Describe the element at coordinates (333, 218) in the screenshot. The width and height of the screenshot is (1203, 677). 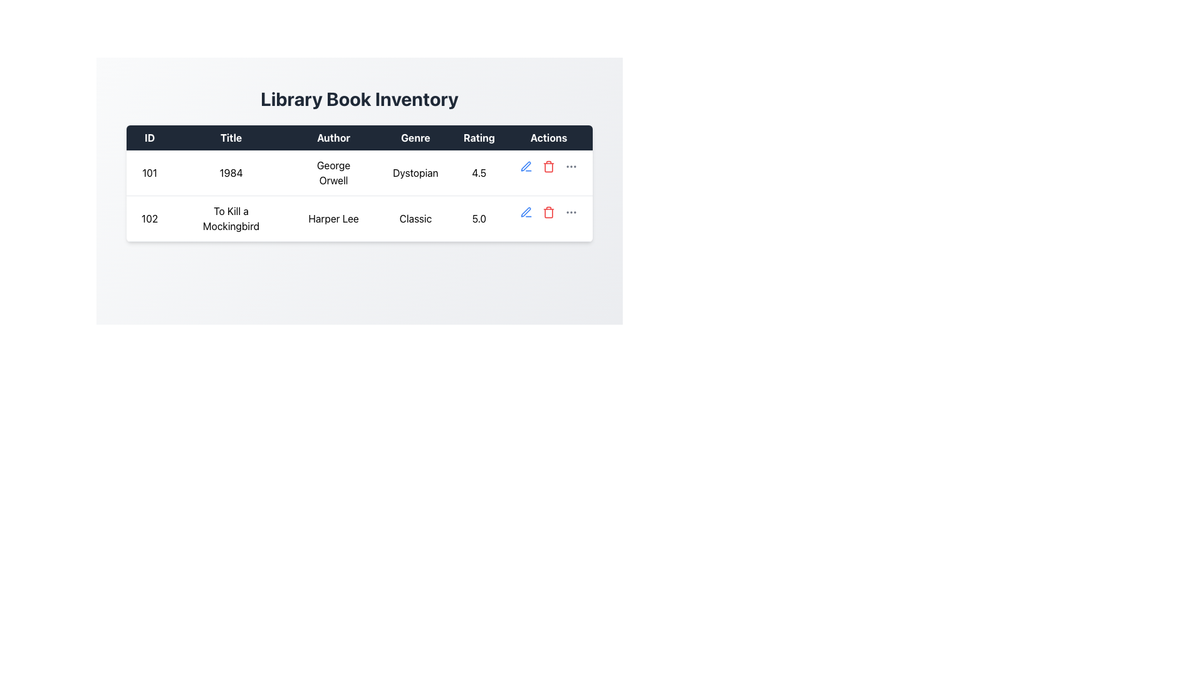
I see `the text component displaying the name 'Harper Lee' located in the 'Author' column of the table, specifically in the third column of the second row with ID '102'` at that location.